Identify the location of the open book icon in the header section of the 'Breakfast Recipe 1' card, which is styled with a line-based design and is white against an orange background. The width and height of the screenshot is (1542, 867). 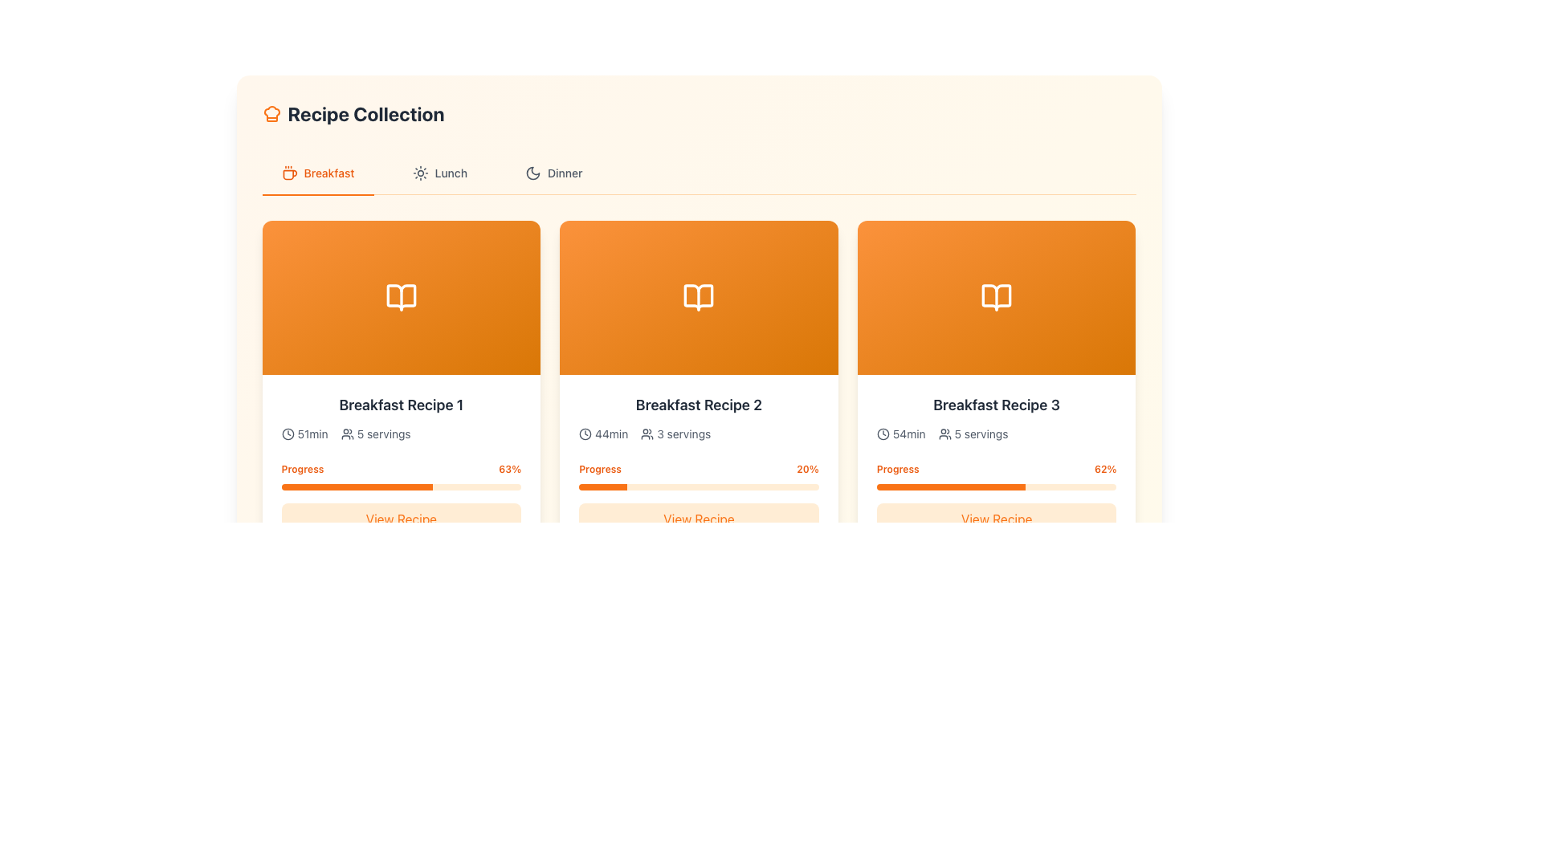
(401, 297).